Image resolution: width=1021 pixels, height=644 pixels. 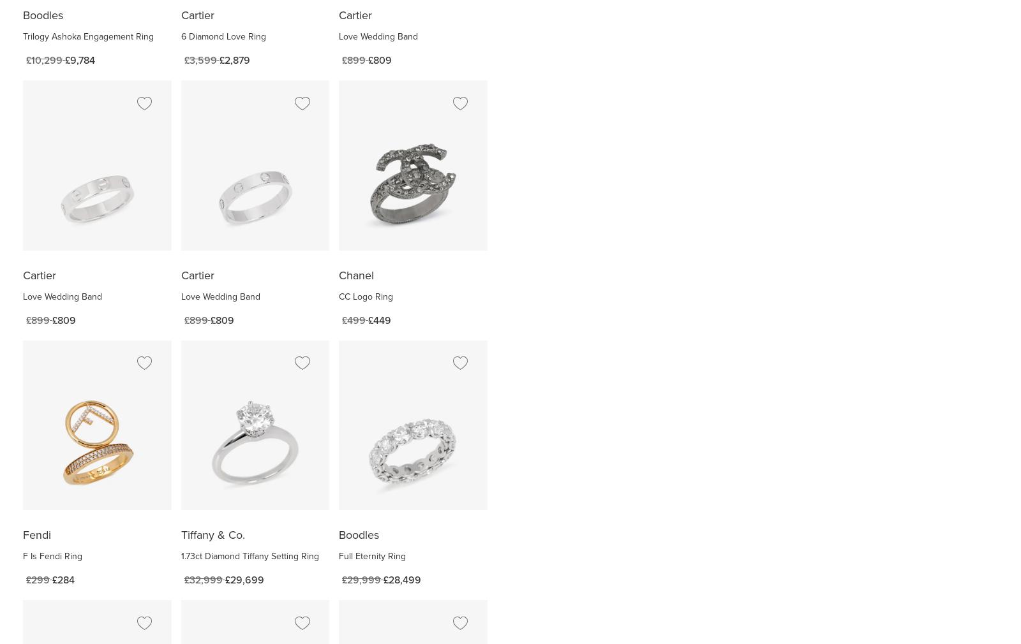 I want to click on '£29,999', so click(x=361, y=580).